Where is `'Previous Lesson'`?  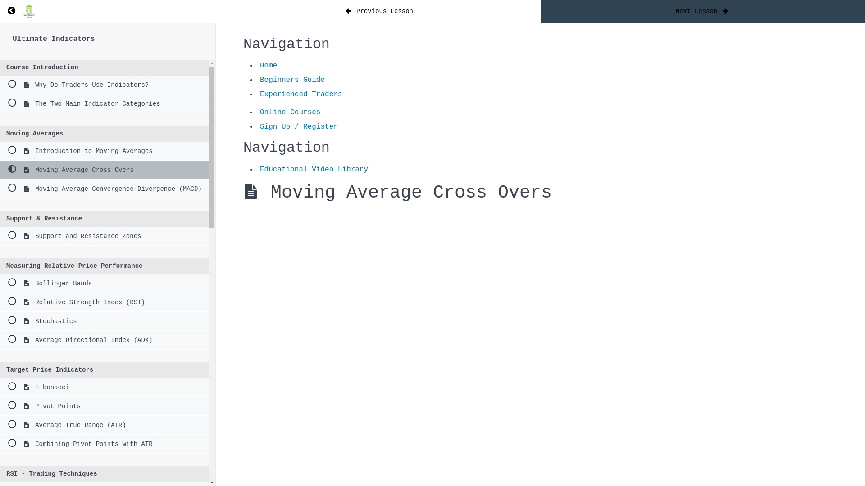 'Previous Lesson' is located at coordinates (378, 11).